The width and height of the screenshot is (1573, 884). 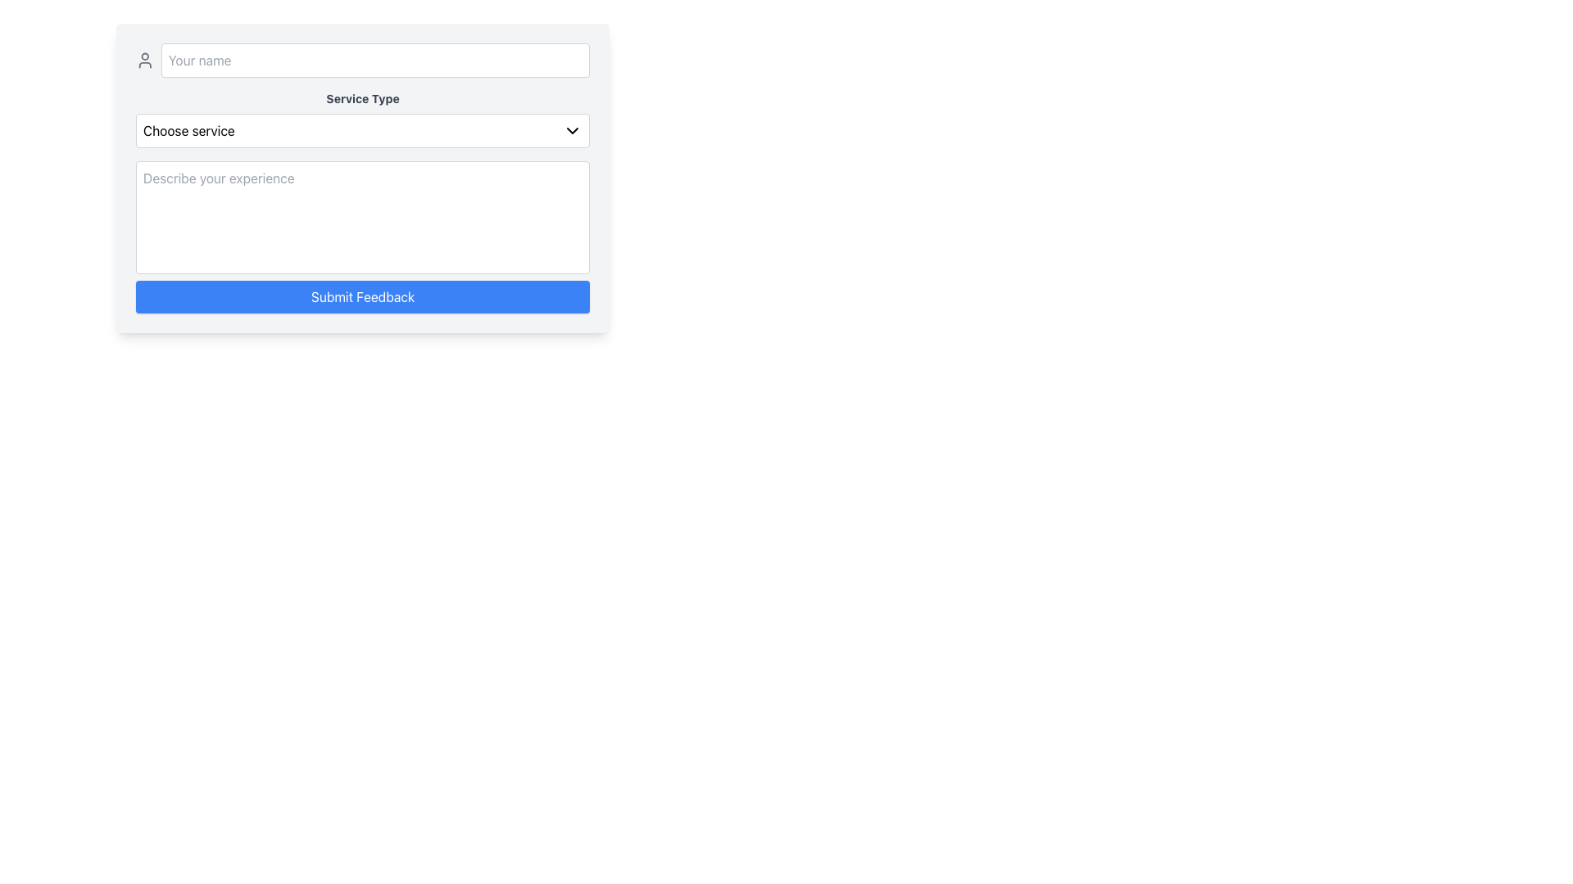 What do you see at coordinates (145, 59) in the screenshot?
I see `the user icon, which is a gray icon symbolizing a user, located to the left of the 'Your name' text input field at the top section of the form interface` at bounding box center [145, 59].